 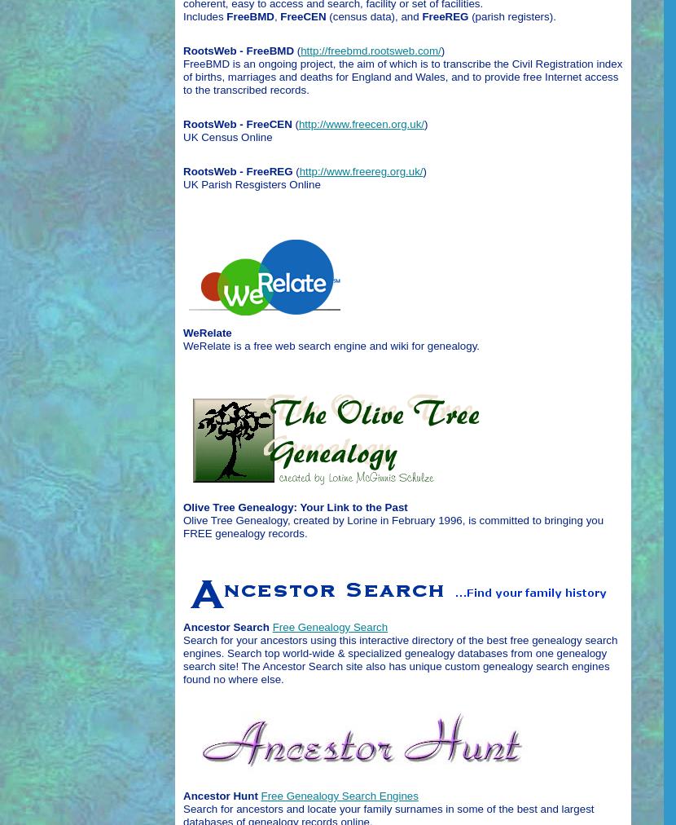 What do you see at coordinates (299, 170) in the screenshot?
I see `'http://www.freereg.org.uk/'` at bounding box center [299, 170].